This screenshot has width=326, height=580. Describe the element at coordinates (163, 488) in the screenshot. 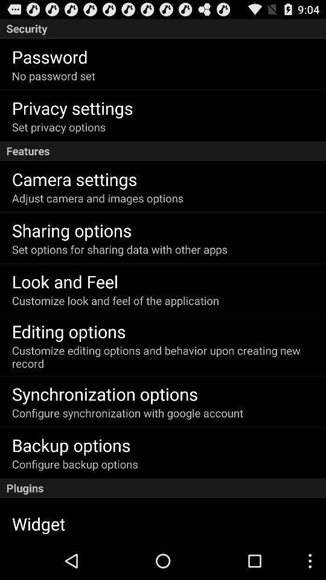

I see `the plugins item` at that location.